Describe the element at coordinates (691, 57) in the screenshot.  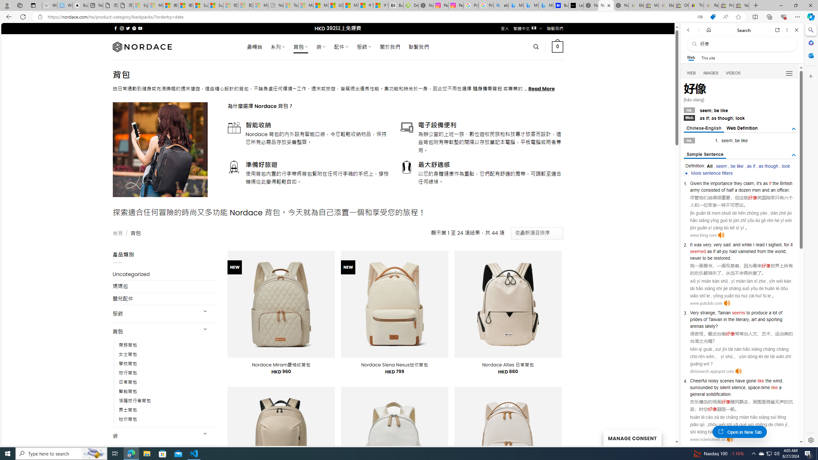
I see `'Web scope'` at that location.